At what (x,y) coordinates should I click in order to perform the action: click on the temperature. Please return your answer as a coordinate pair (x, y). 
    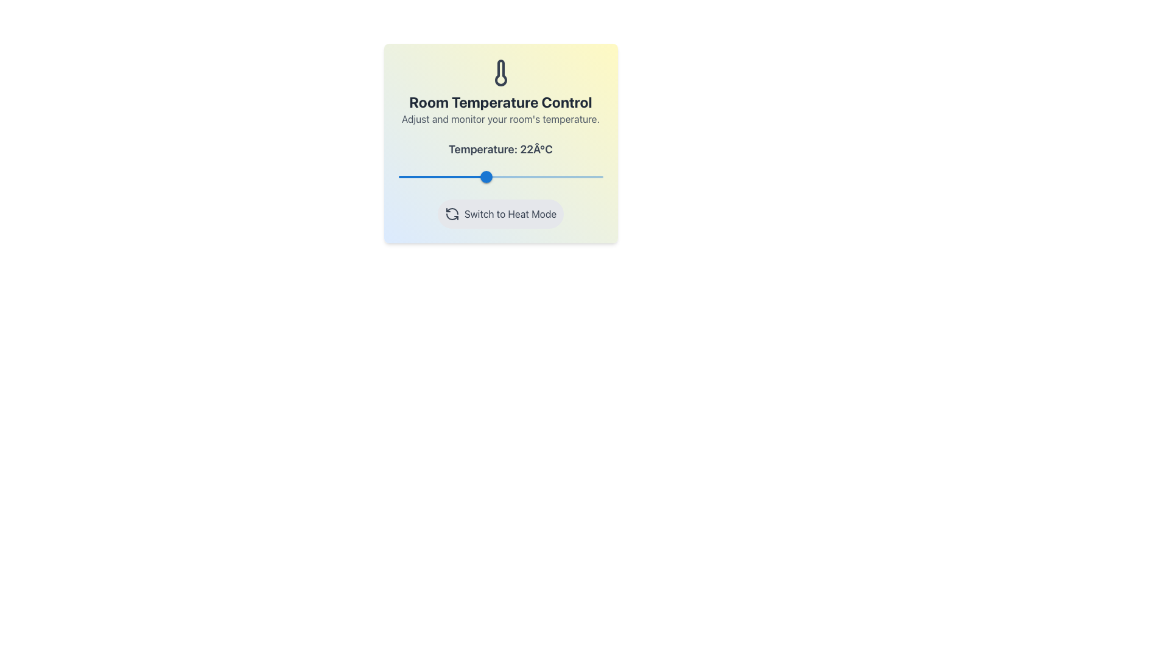
    Looking at the image, I should click on (413, 176).